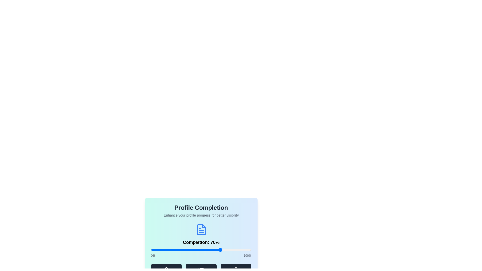 The height and width of the screenshot is (271, 482). What do you see at coordinates (201, 255) in the screenshot?
I see `values of the text labels indicating the start (0%) and end (100%) points of the slider range located below the slider bar in the 'Completion: 70%' section` at bounding box center [201, 255].